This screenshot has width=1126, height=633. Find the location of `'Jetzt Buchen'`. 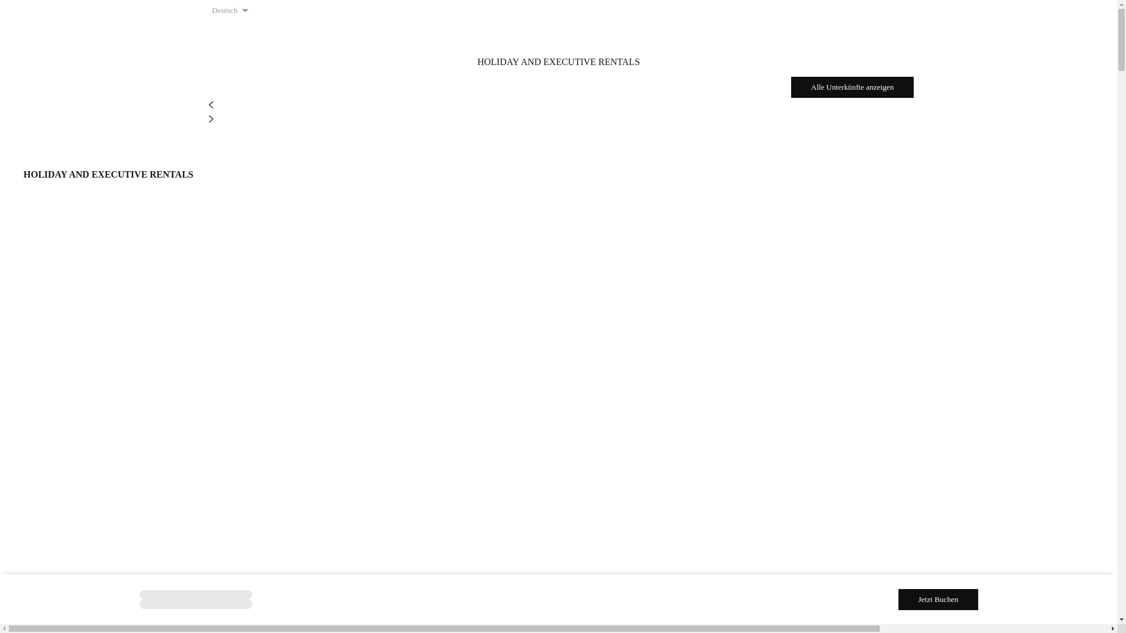

'Jetzt Buchen' is located at coordinates (897, 599).